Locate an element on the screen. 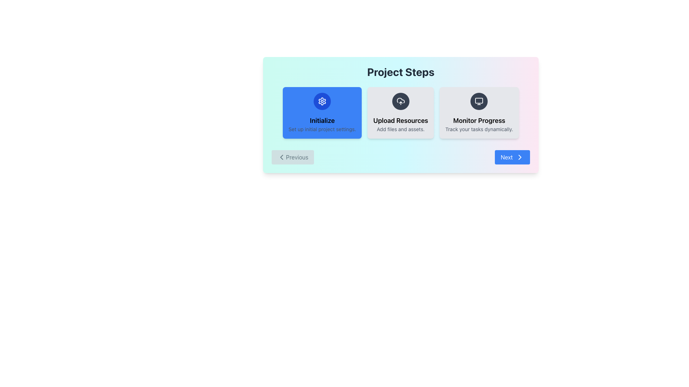 The width and height of the screenshot is (689, 387). the Decorative icon resembling a cog or gear, which is located at the center of the leftmost box in the blue-highlighted 'Initialize' step is located at coordinates (322, 101).